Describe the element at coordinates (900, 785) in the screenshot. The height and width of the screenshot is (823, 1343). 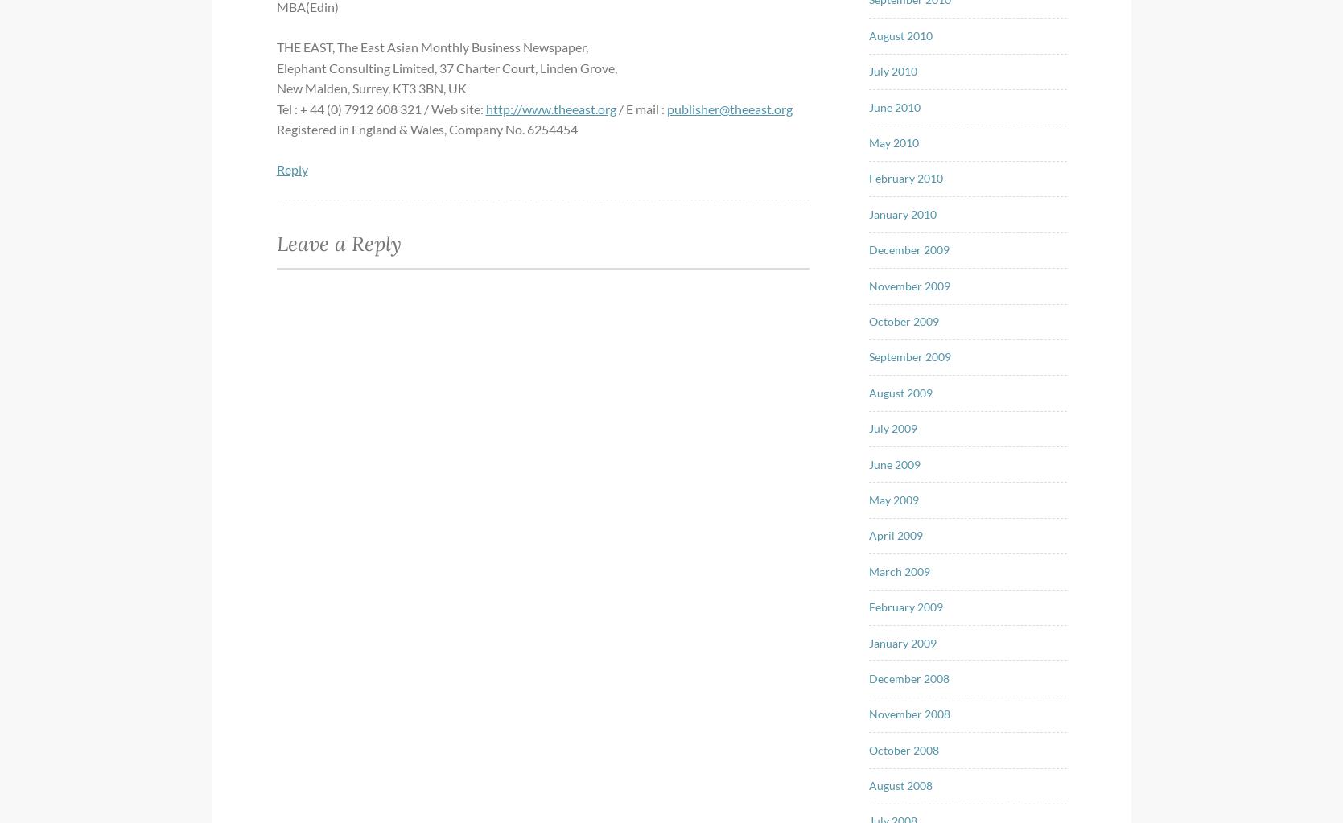
I see `'August 2008'` at that location.